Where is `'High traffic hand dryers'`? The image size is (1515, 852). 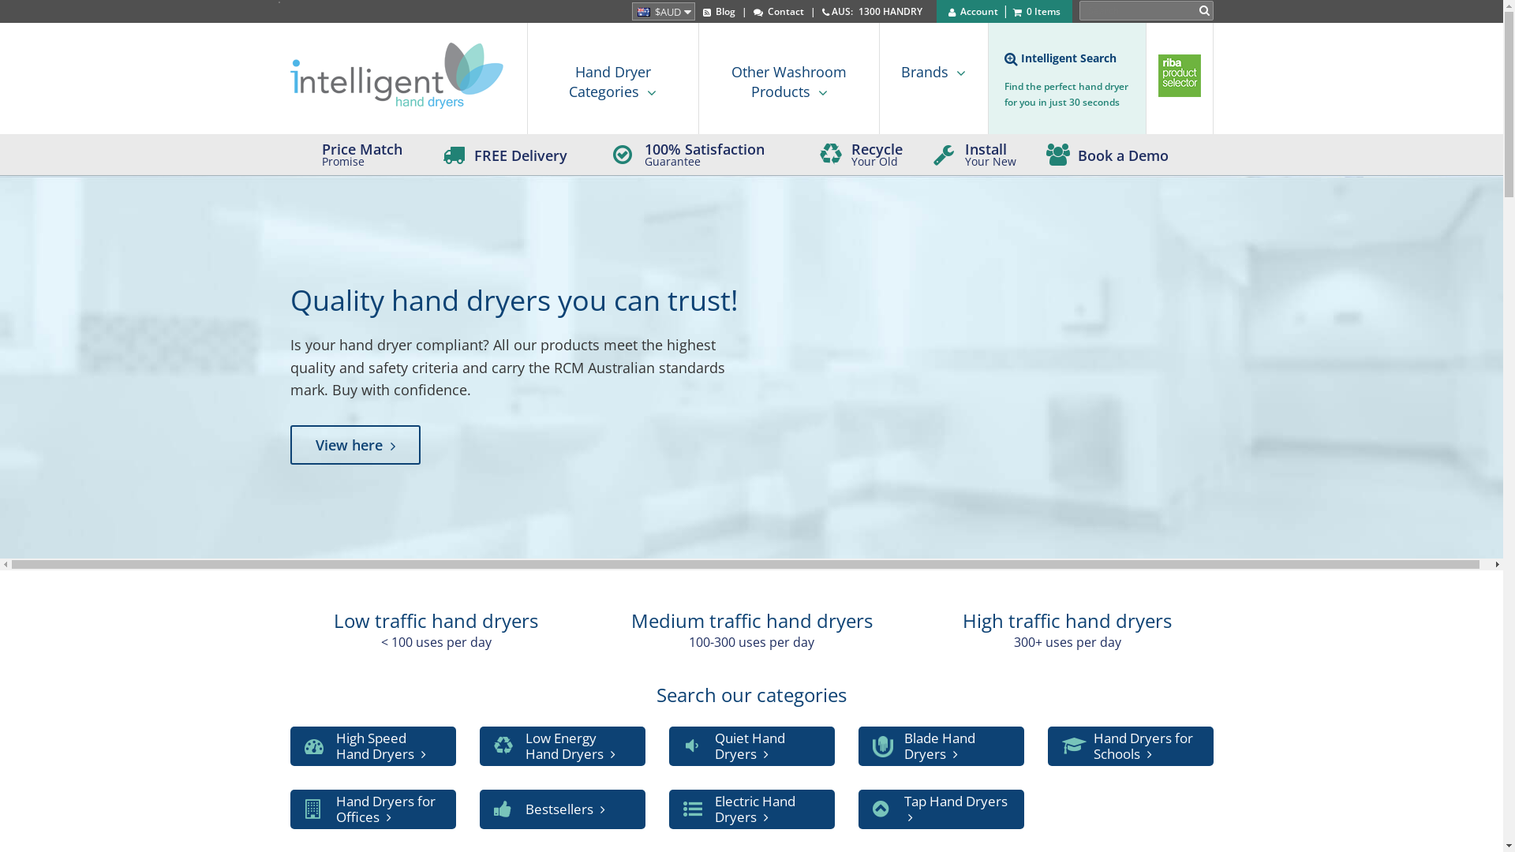 'High traffic hand dryers' is located at coordinates (1067, 619).